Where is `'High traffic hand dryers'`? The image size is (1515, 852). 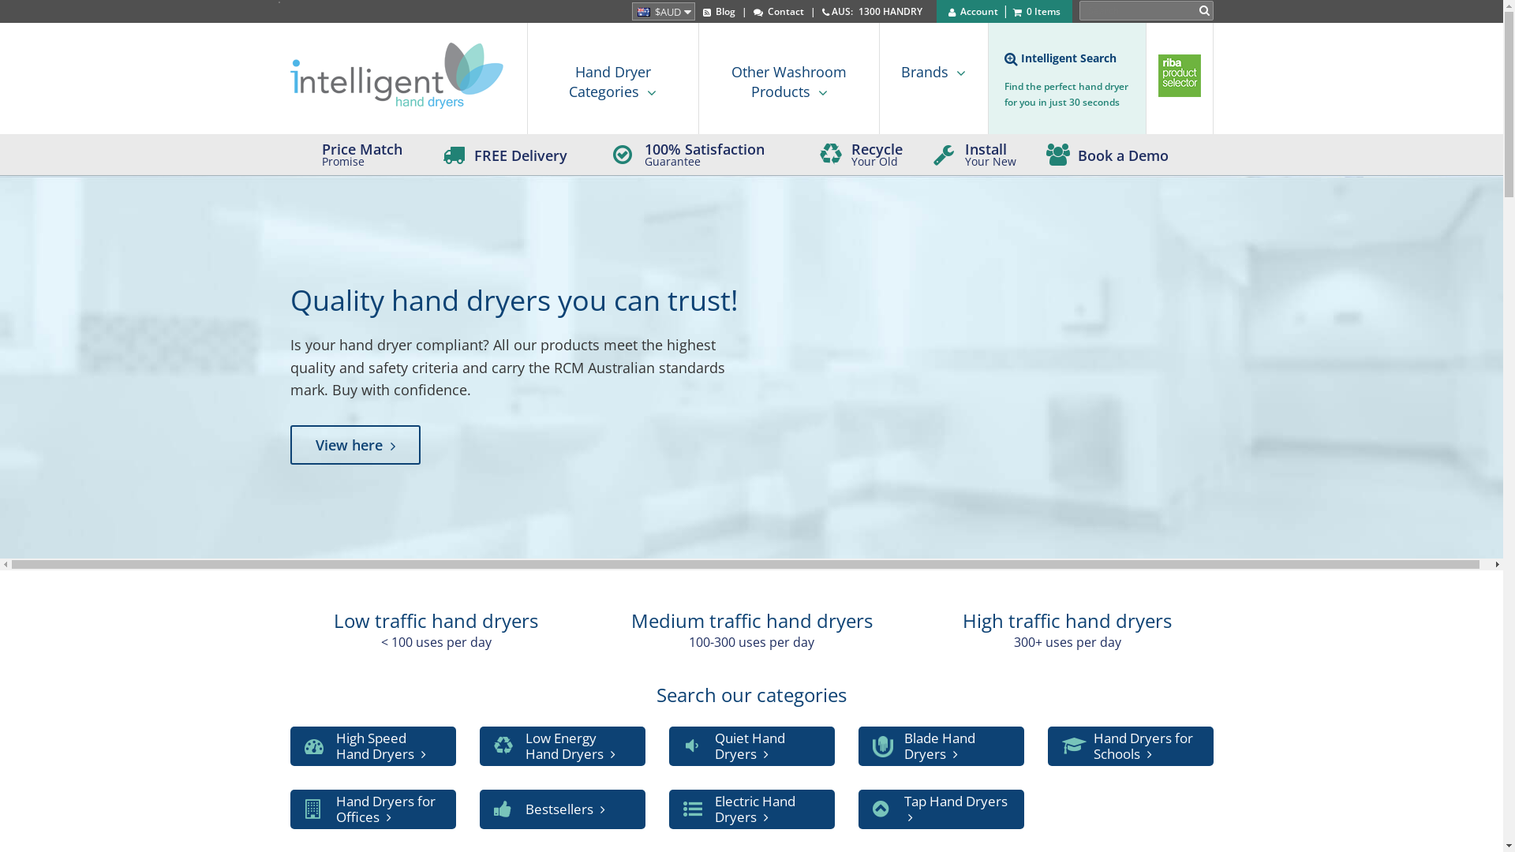 'High traffic hand dryers' is located at coordinates (1067, 619).